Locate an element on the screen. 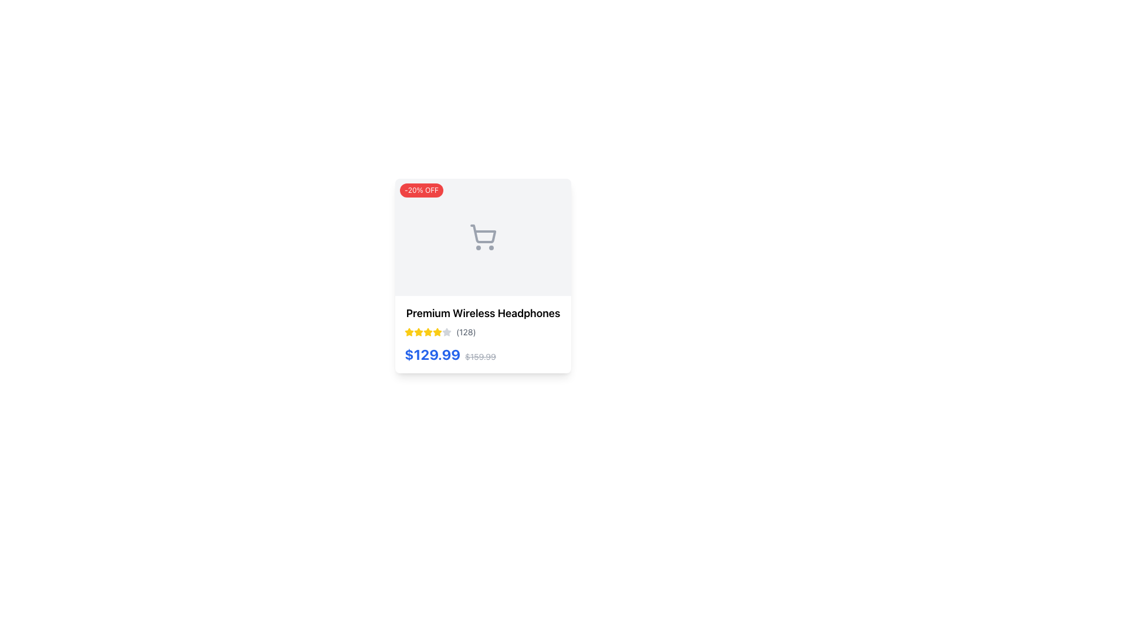 This screenshot has width=1126, height=633. the second yellow filled star icon representing a rating located below the product title 'Premium Wireless Headphones' is located at coordinates (419, 332).